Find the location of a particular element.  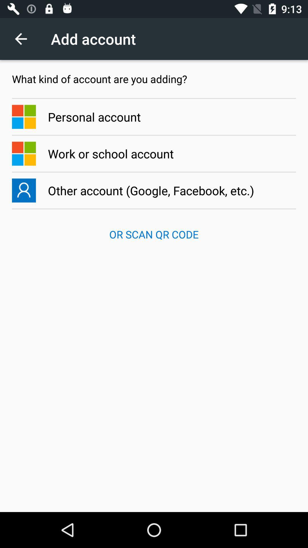

work or school button is located at coordinates (154, 154).